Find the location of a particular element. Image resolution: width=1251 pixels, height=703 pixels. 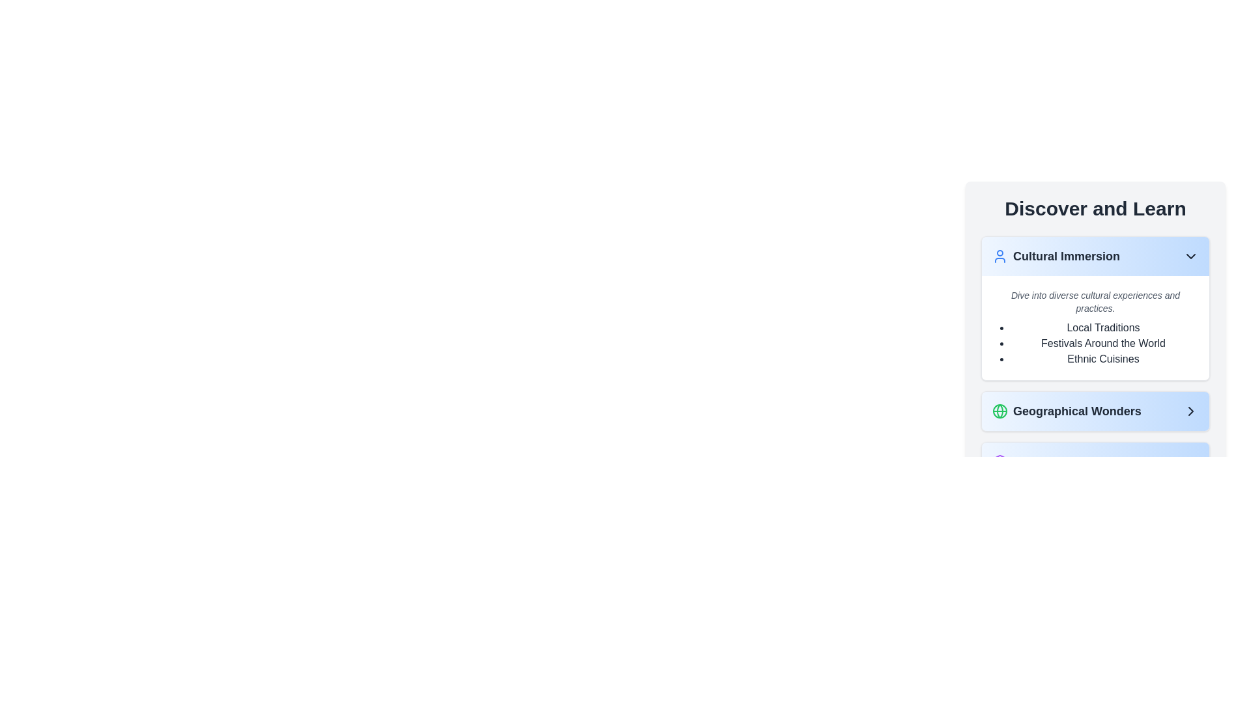

the 'Geographical Wonders' navigation link or label is located at coordinates (1067, 411).